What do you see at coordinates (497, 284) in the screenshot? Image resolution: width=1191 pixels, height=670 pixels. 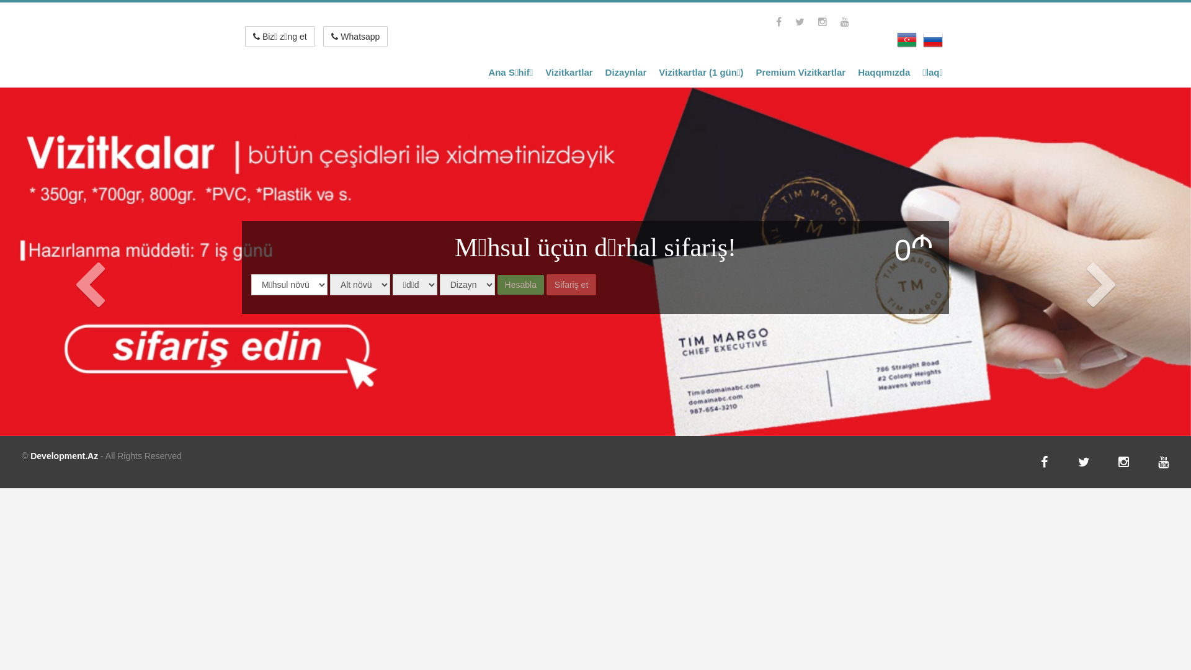 I see `'Hesabla'` at bounding box center [497, 284].